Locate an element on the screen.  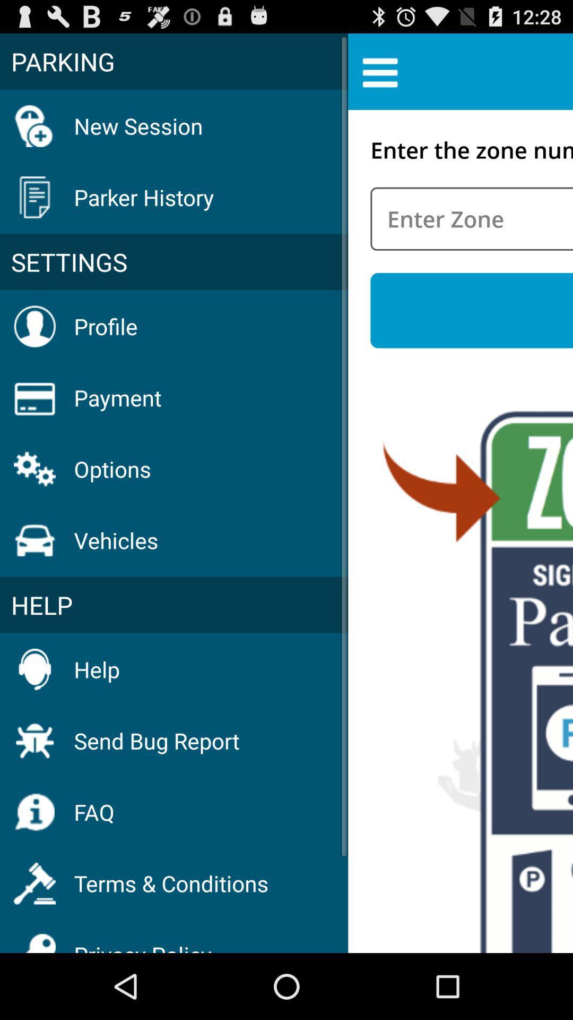
input text for the zone number is located at coordinates (471, 218).